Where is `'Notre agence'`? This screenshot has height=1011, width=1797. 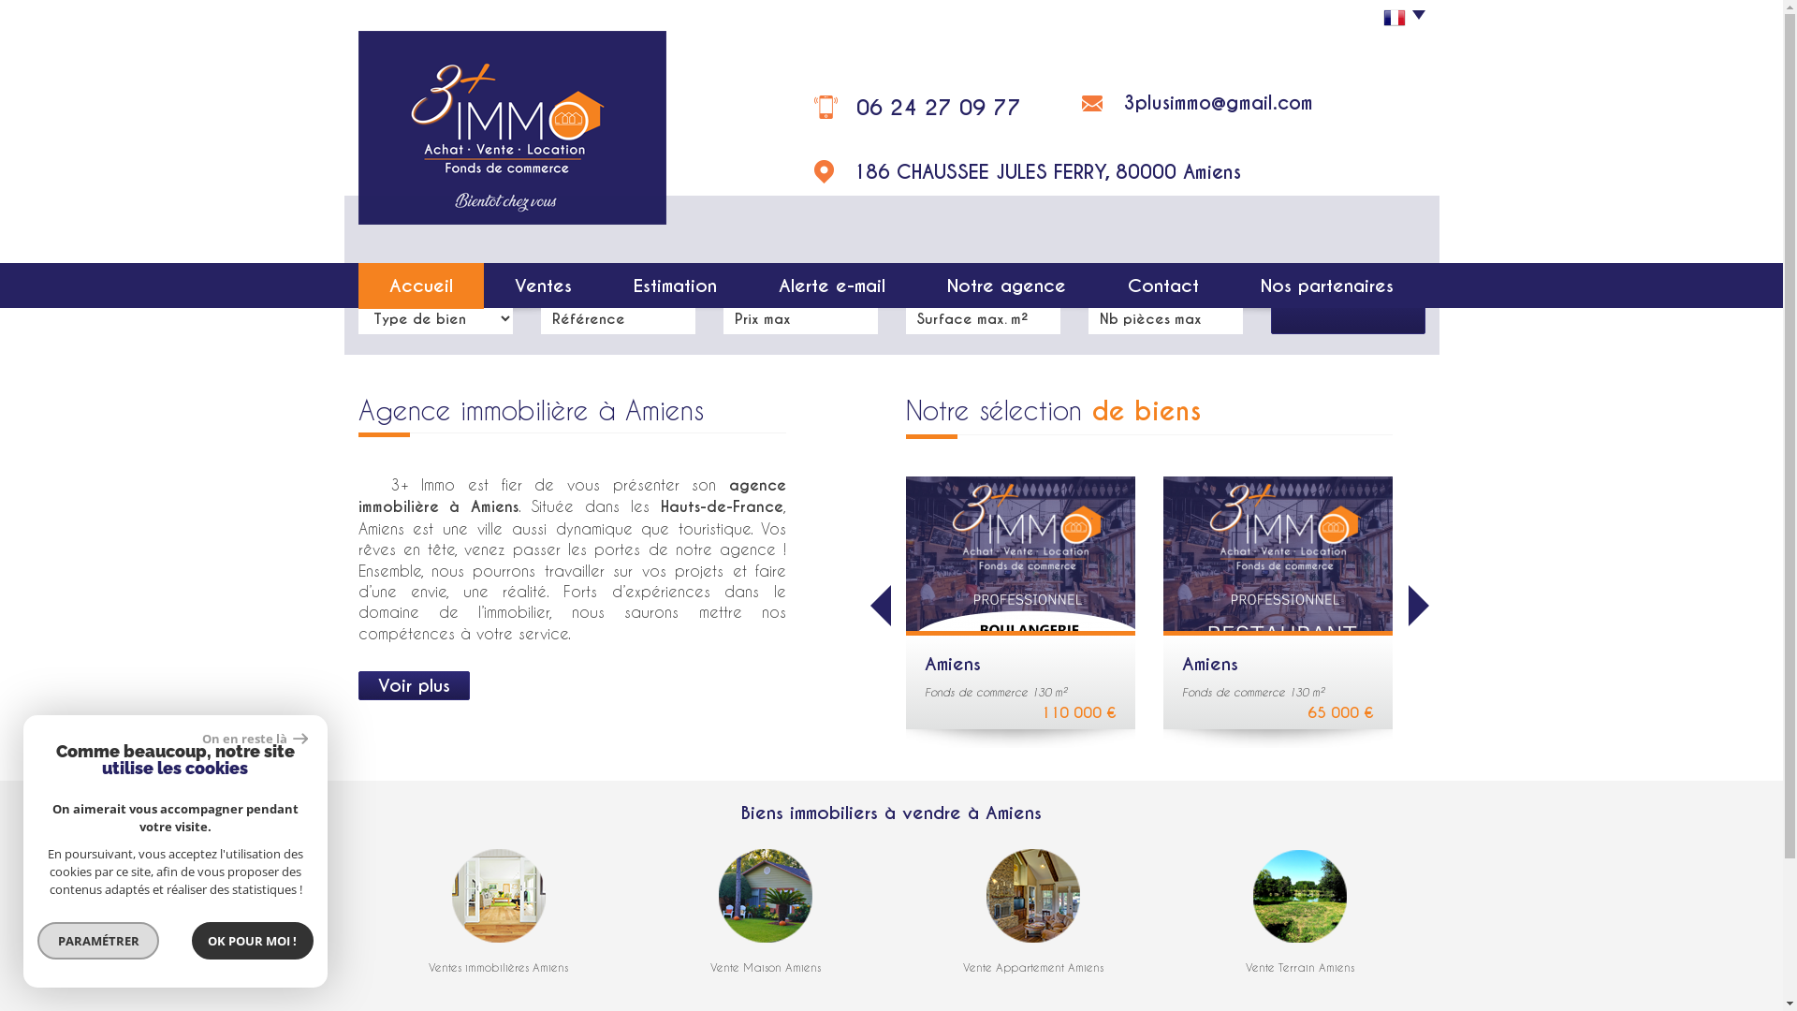 'Notre agence' is located at coordinates (1005, 286).